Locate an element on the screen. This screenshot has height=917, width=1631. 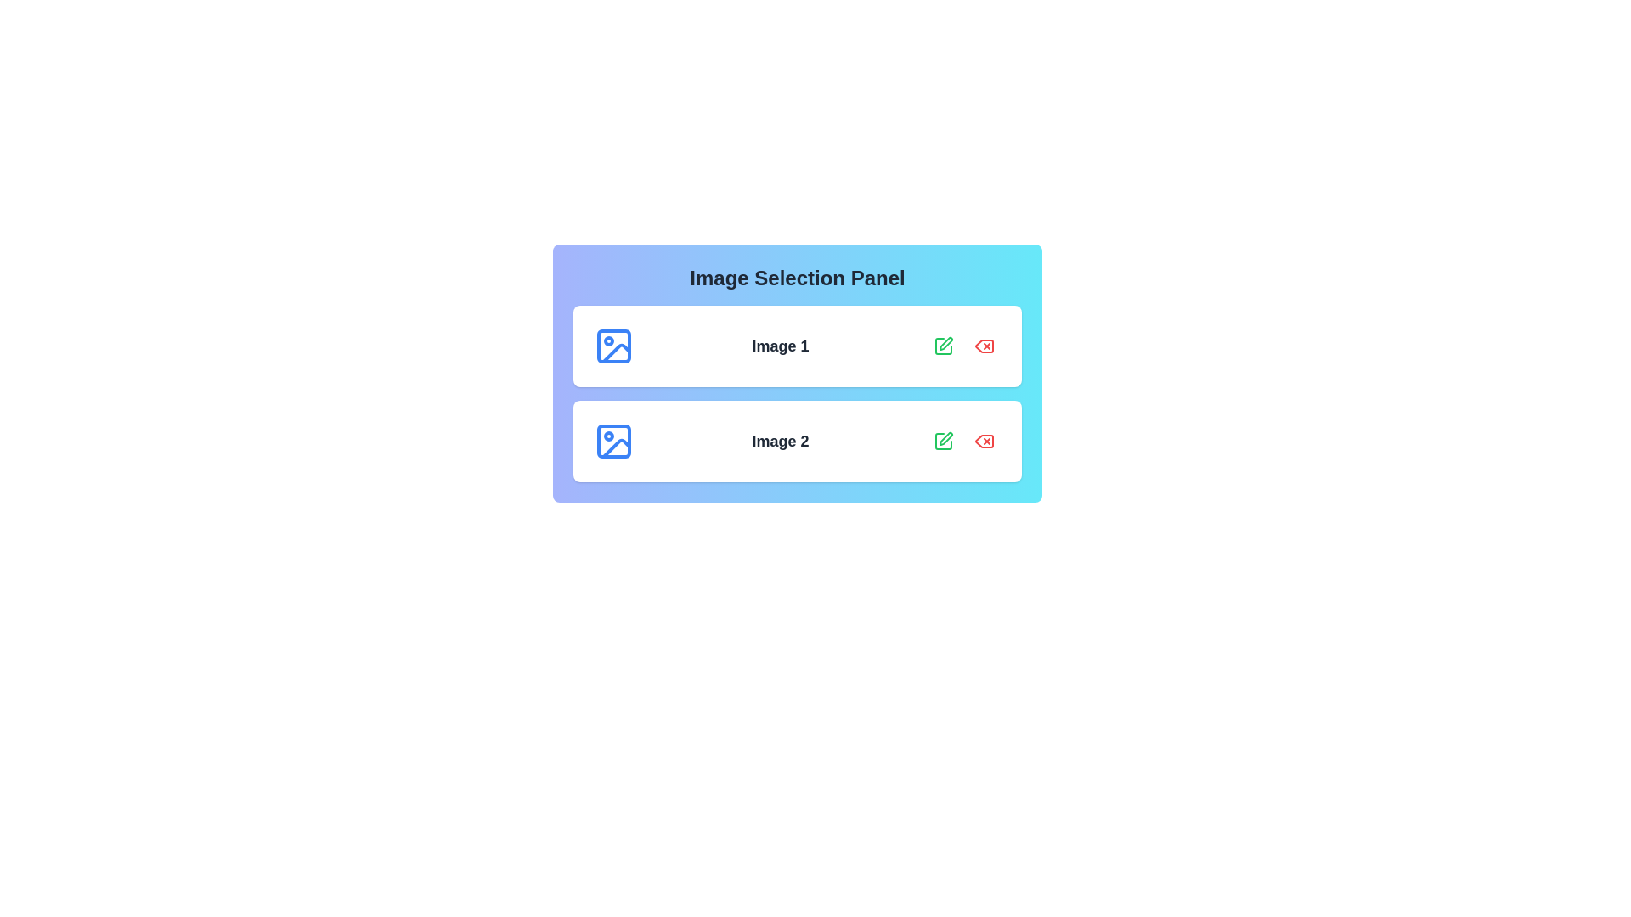
the delete icon button located on the right side of the panel within the 'Image 1' row to initiate the delete action is located at coordinates (984, 346).